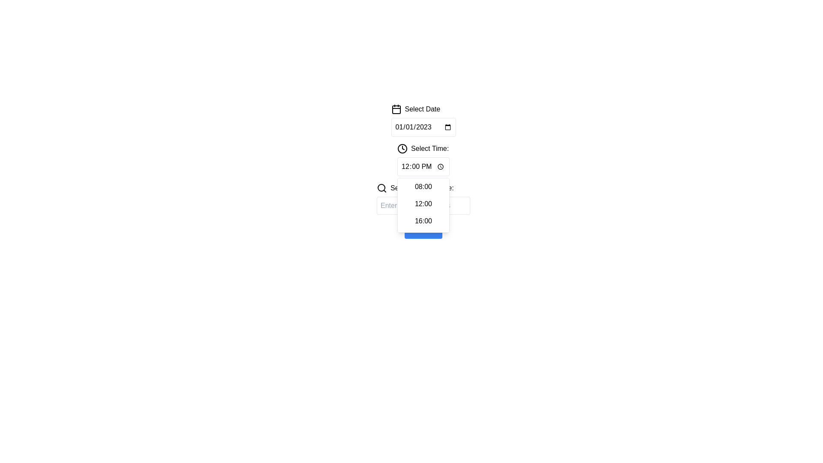 The image size is (823, 463). What do you see at coordinates (424, 205) in the screenshot?
I see `the dropdown menu option` at bounding box center [424, 205].